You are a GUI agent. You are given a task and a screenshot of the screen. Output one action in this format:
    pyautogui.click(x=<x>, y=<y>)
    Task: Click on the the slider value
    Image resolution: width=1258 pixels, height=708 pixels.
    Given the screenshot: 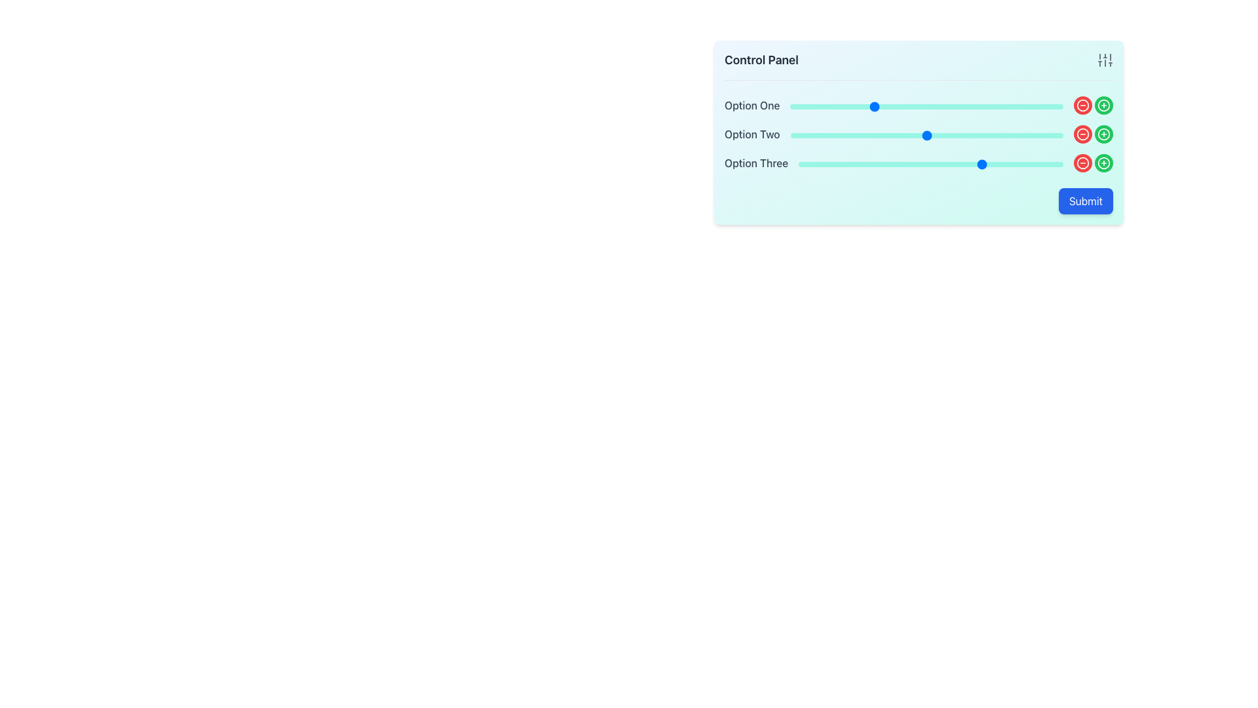 What is the action you would take?
    pyautogui.click(x=856, y=163)
    